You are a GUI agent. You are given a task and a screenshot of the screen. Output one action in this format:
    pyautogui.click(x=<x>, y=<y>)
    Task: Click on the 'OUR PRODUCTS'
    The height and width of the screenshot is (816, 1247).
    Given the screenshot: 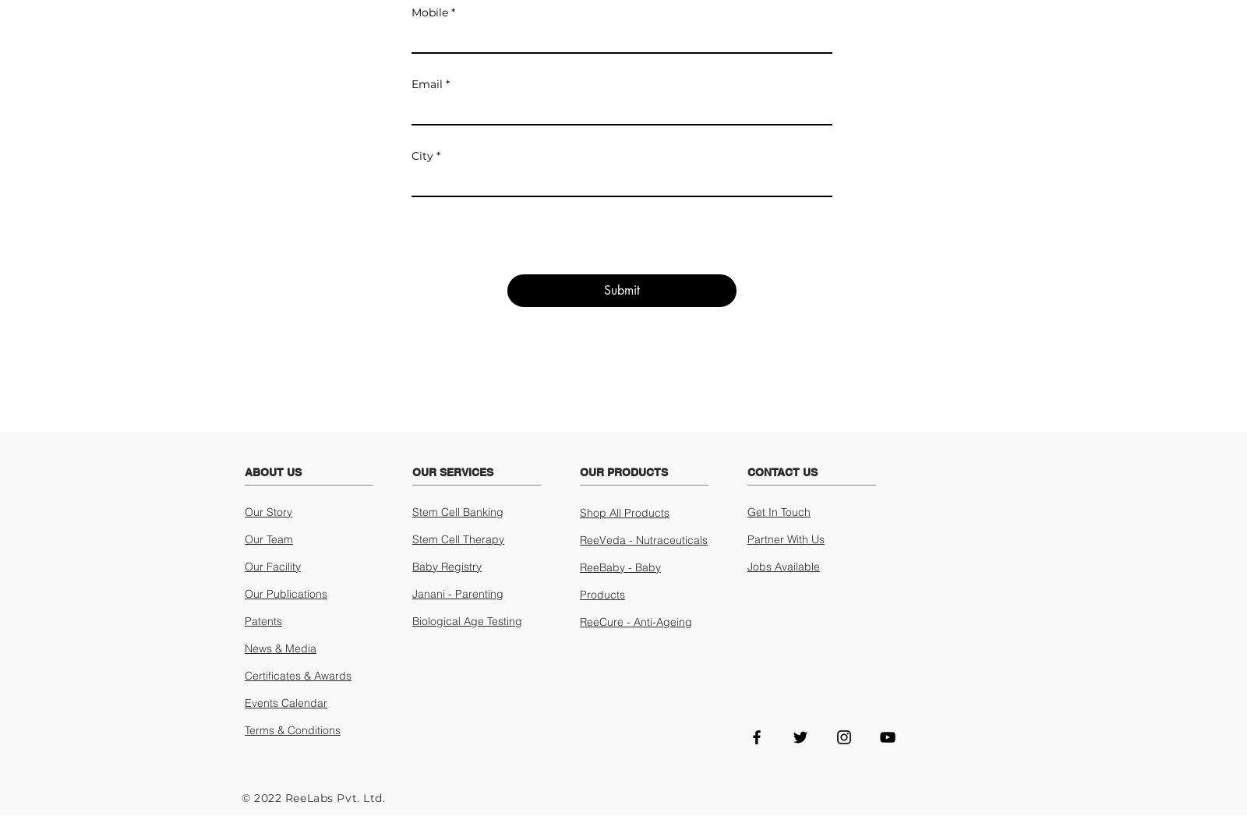 What is the action you would take?
    pyautogui.click(x=623, y=470)
    